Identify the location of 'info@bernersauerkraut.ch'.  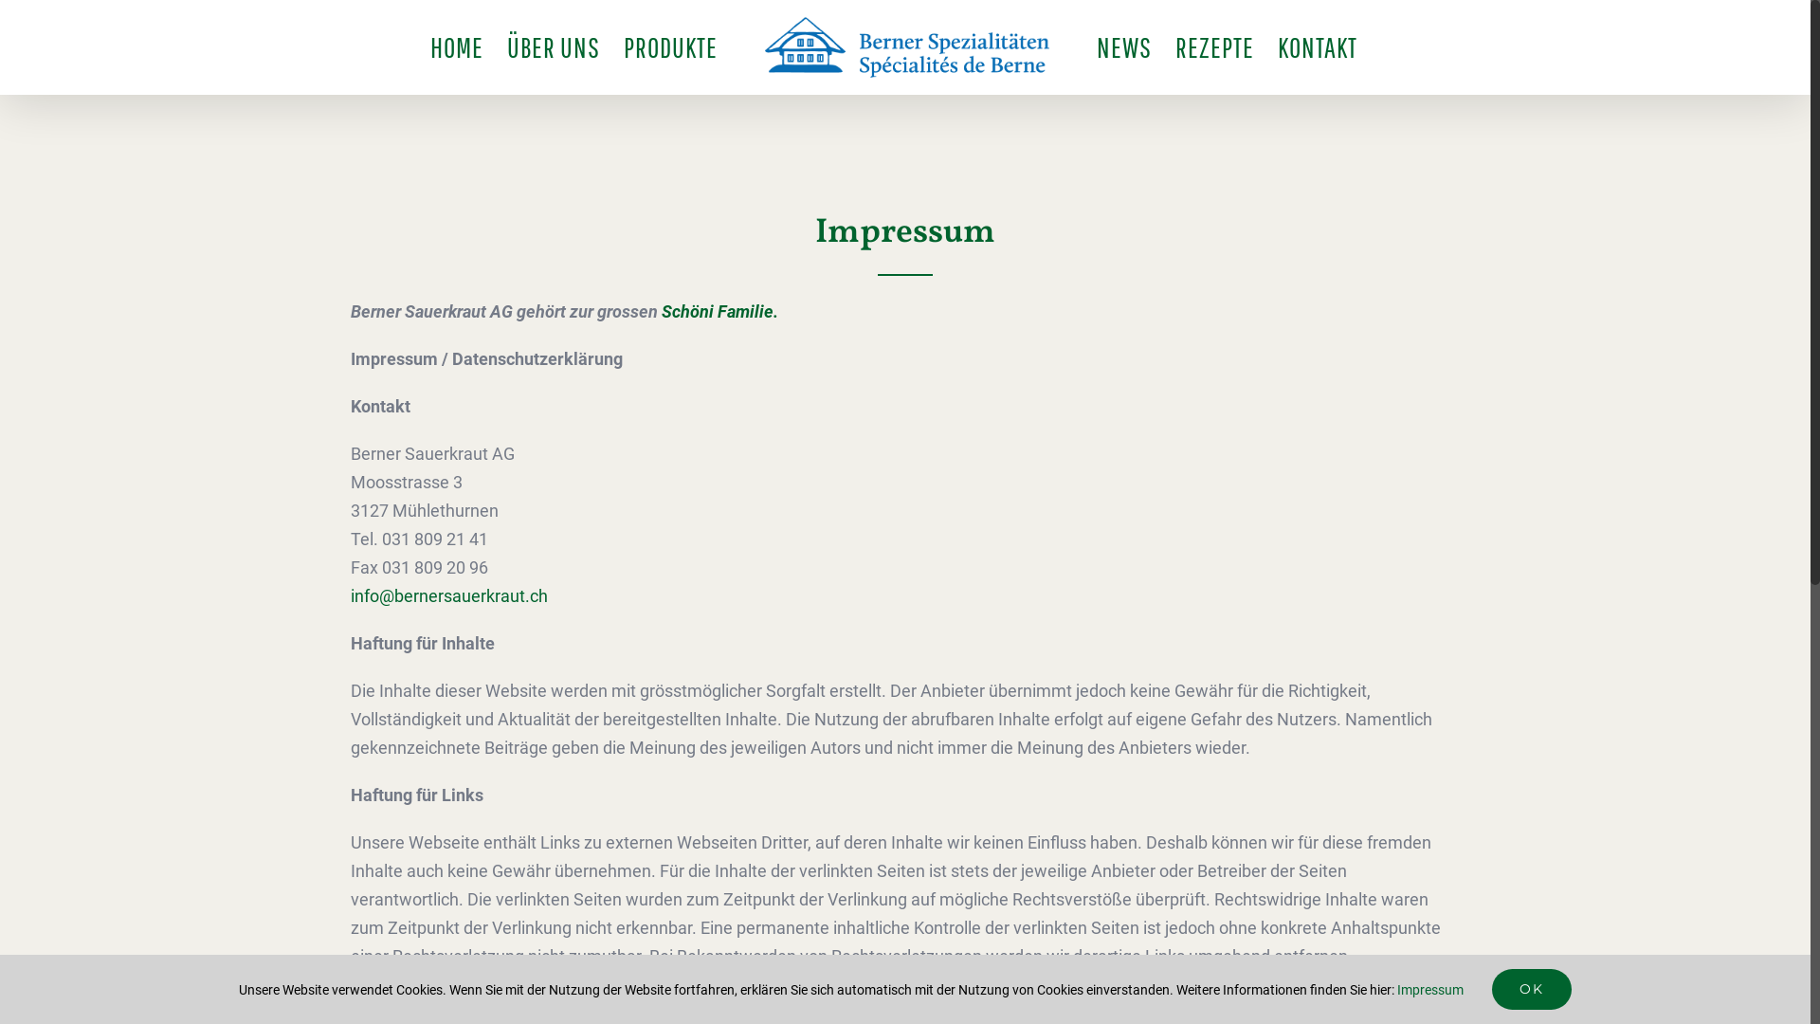
(448, 594).